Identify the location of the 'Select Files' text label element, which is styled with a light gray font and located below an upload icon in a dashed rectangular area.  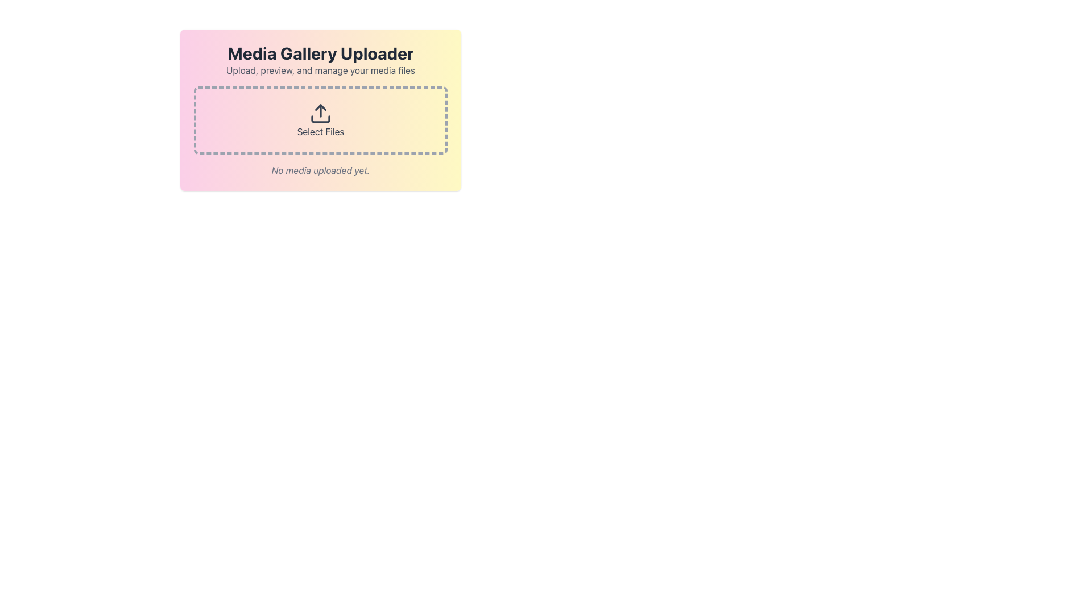
(320, 131).